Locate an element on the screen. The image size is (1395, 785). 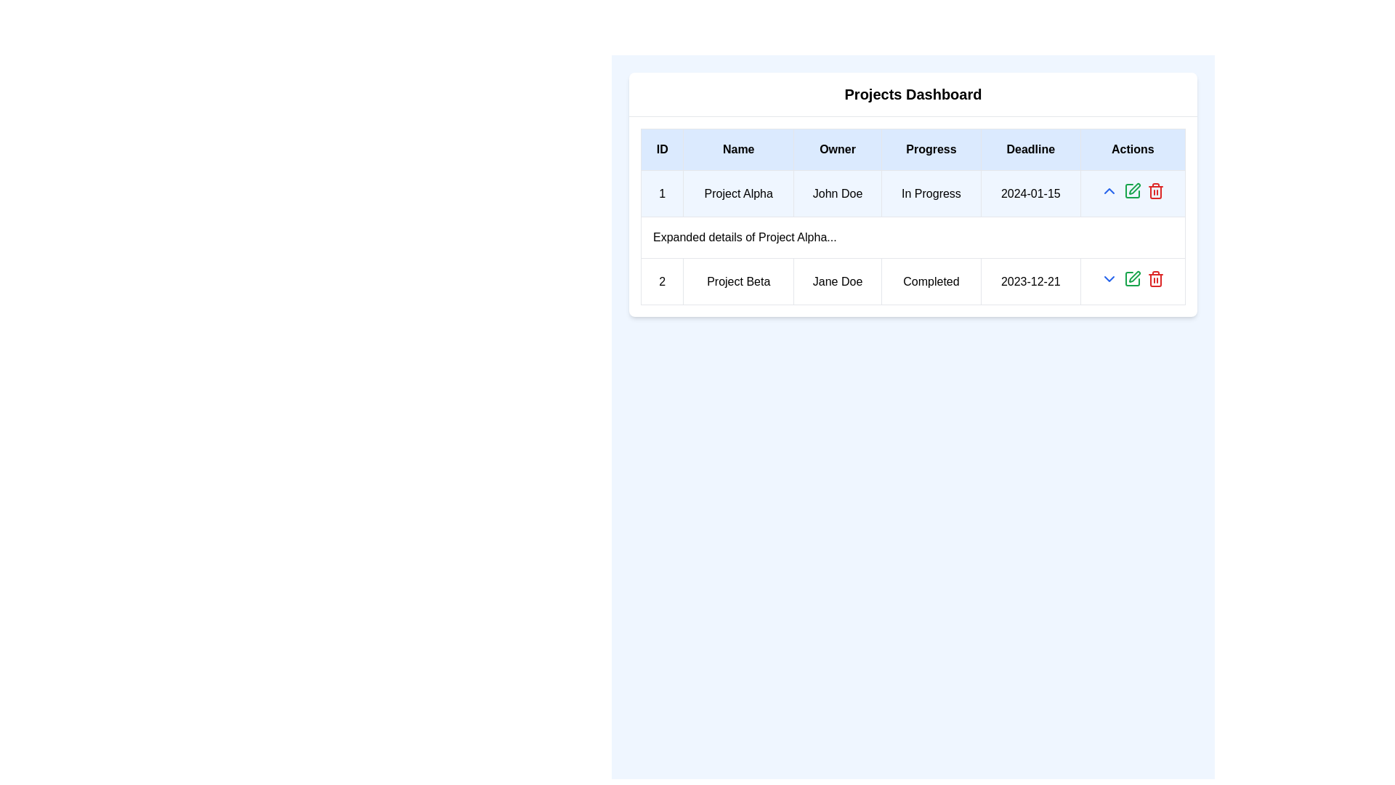
the table header cell labeled 'Owner', which has a light blue background and bold black text, located between the 'Name' and 'Progress' cells is located at coordinates (838, 149).